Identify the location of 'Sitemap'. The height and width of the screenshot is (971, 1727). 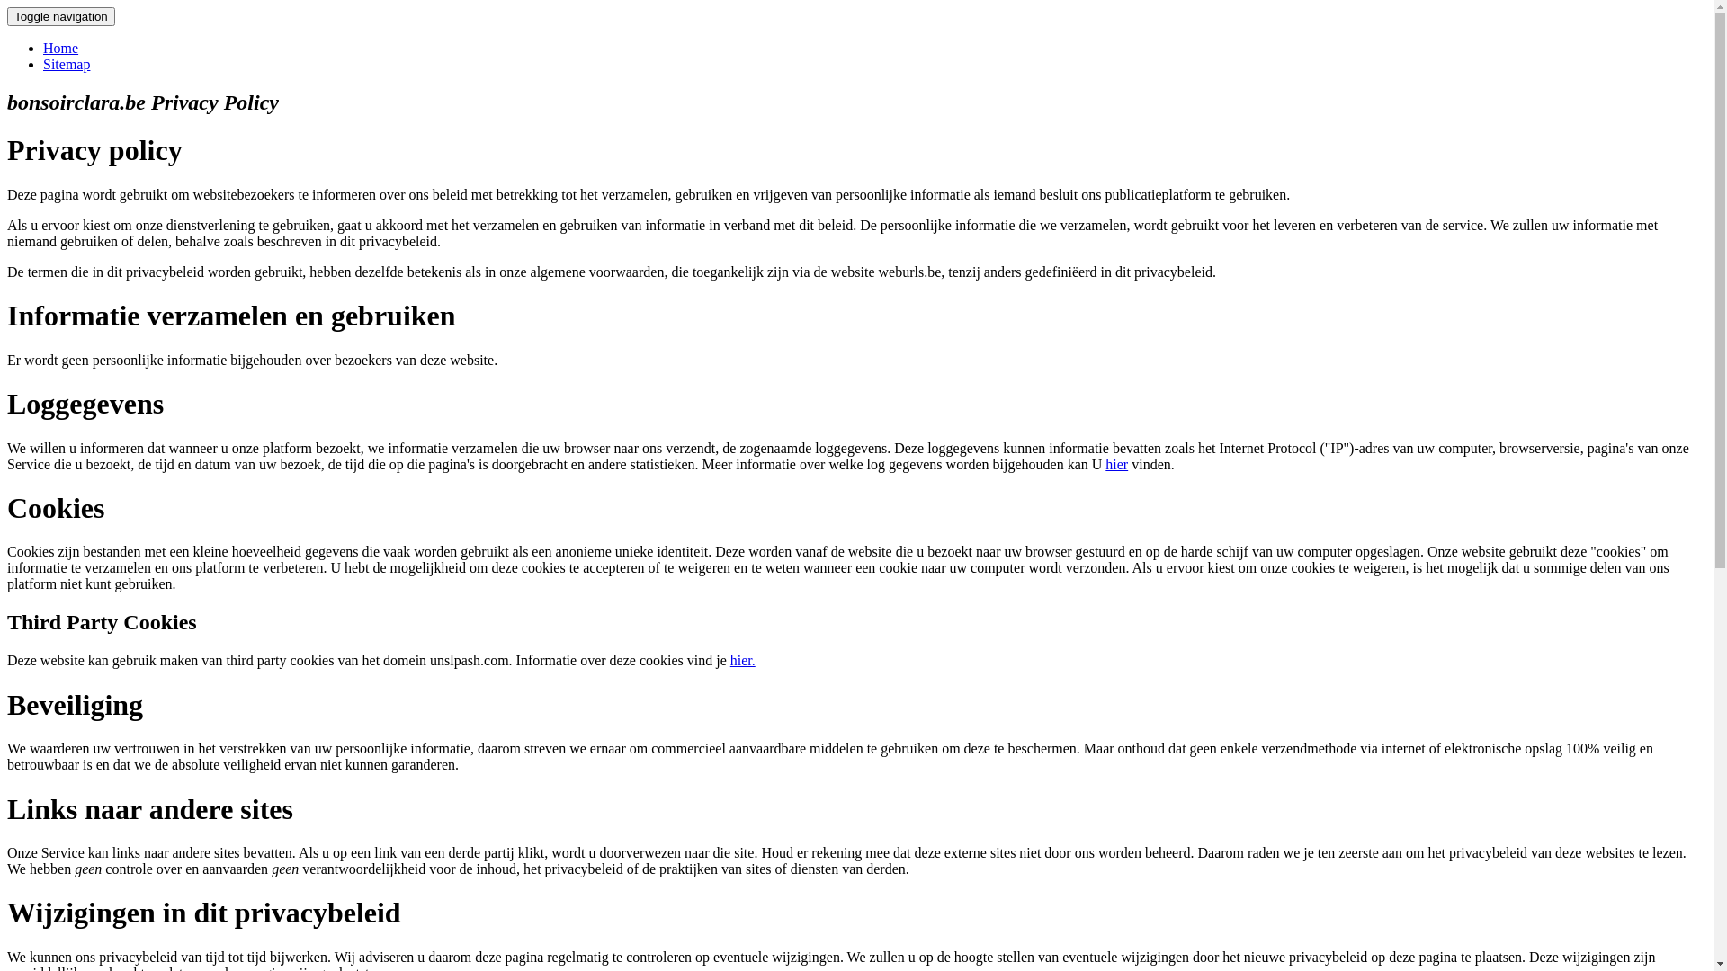
(66, 63).